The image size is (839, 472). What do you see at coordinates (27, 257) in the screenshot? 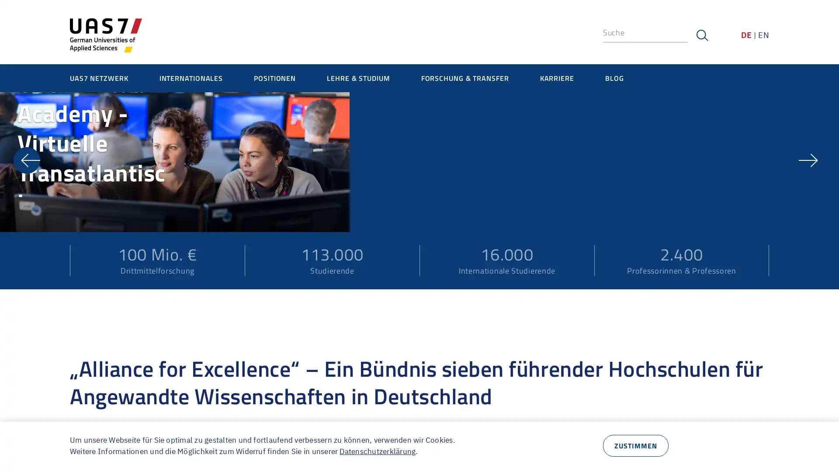
I see `Previous` at bounding box center [27, 257].